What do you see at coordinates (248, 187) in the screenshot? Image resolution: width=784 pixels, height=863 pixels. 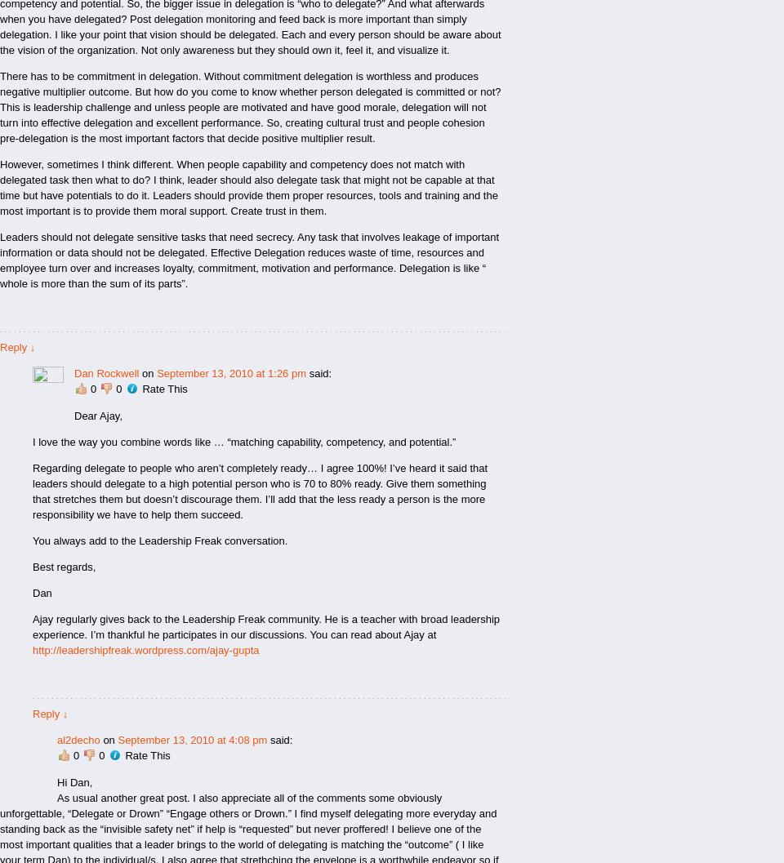 I see `'However, sometimes I think different. When people capability and competency does not match with delegated task then what to do? I think, leader should also delegate task that might not be capable at that time but have potentials to do it. Leaders should provide them proper resources, tools and training and the most important is to provide them moral support. Create trust in them.'` at bounding box center [248, 187].